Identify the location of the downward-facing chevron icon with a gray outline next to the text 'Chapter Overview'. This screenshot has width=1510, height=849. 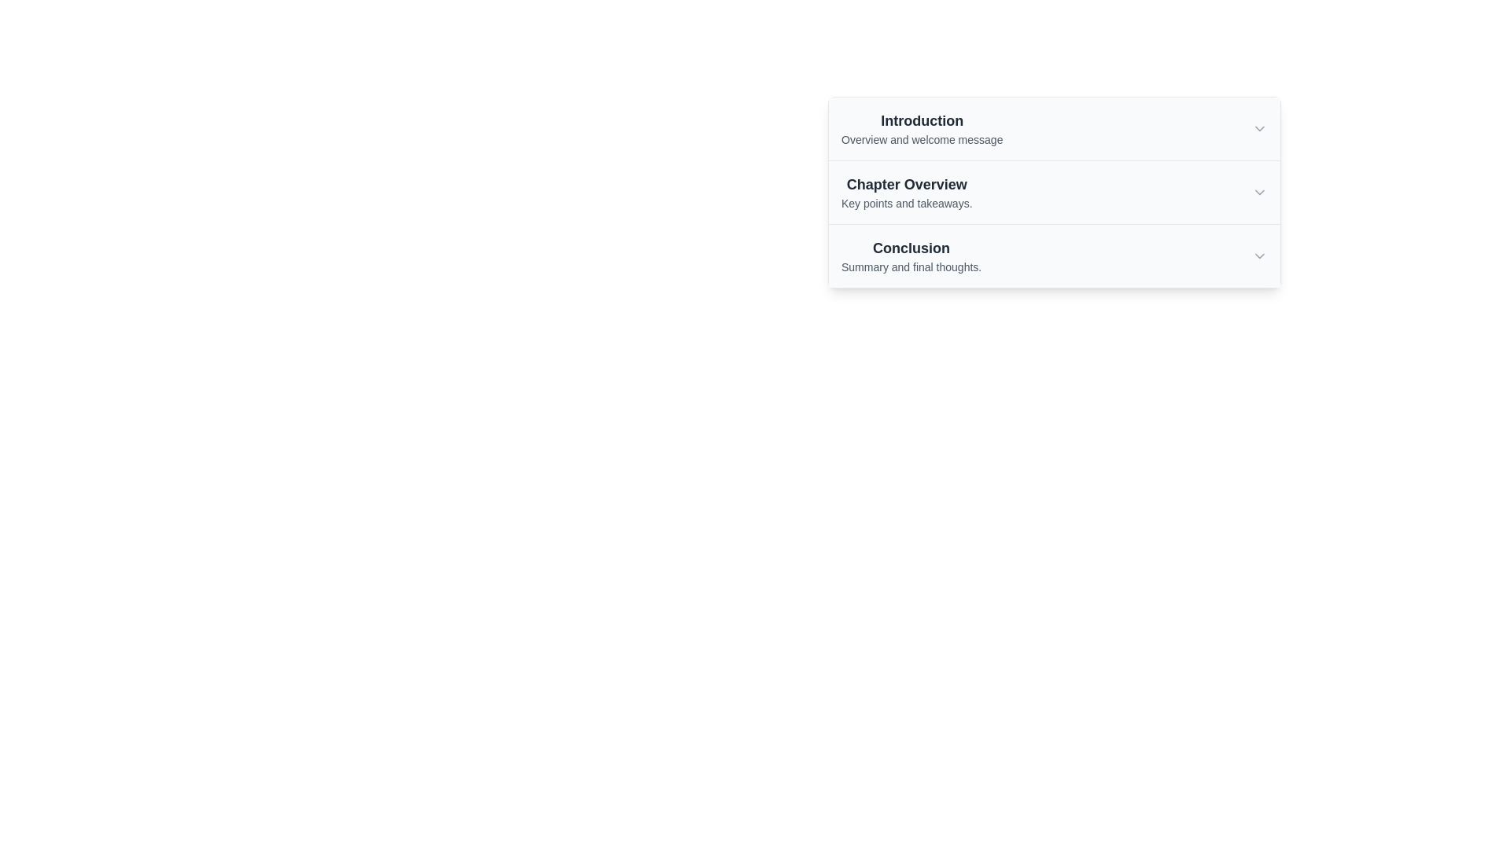
(1260, 192).